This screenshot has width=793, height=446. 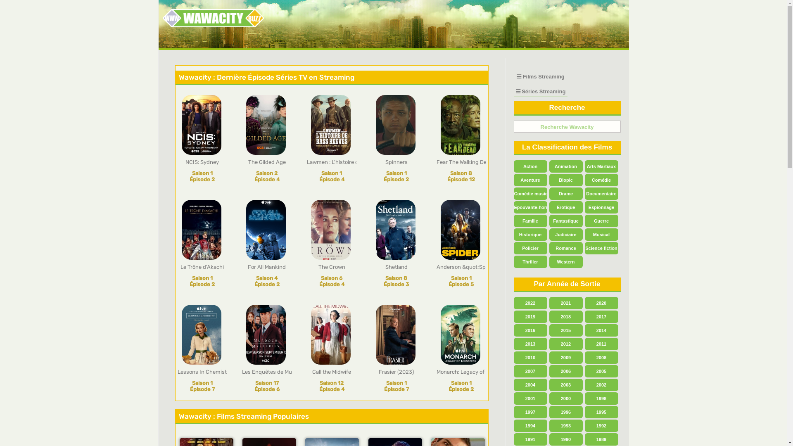 I want to click on 'Aventure', so click(x=513, y=179).